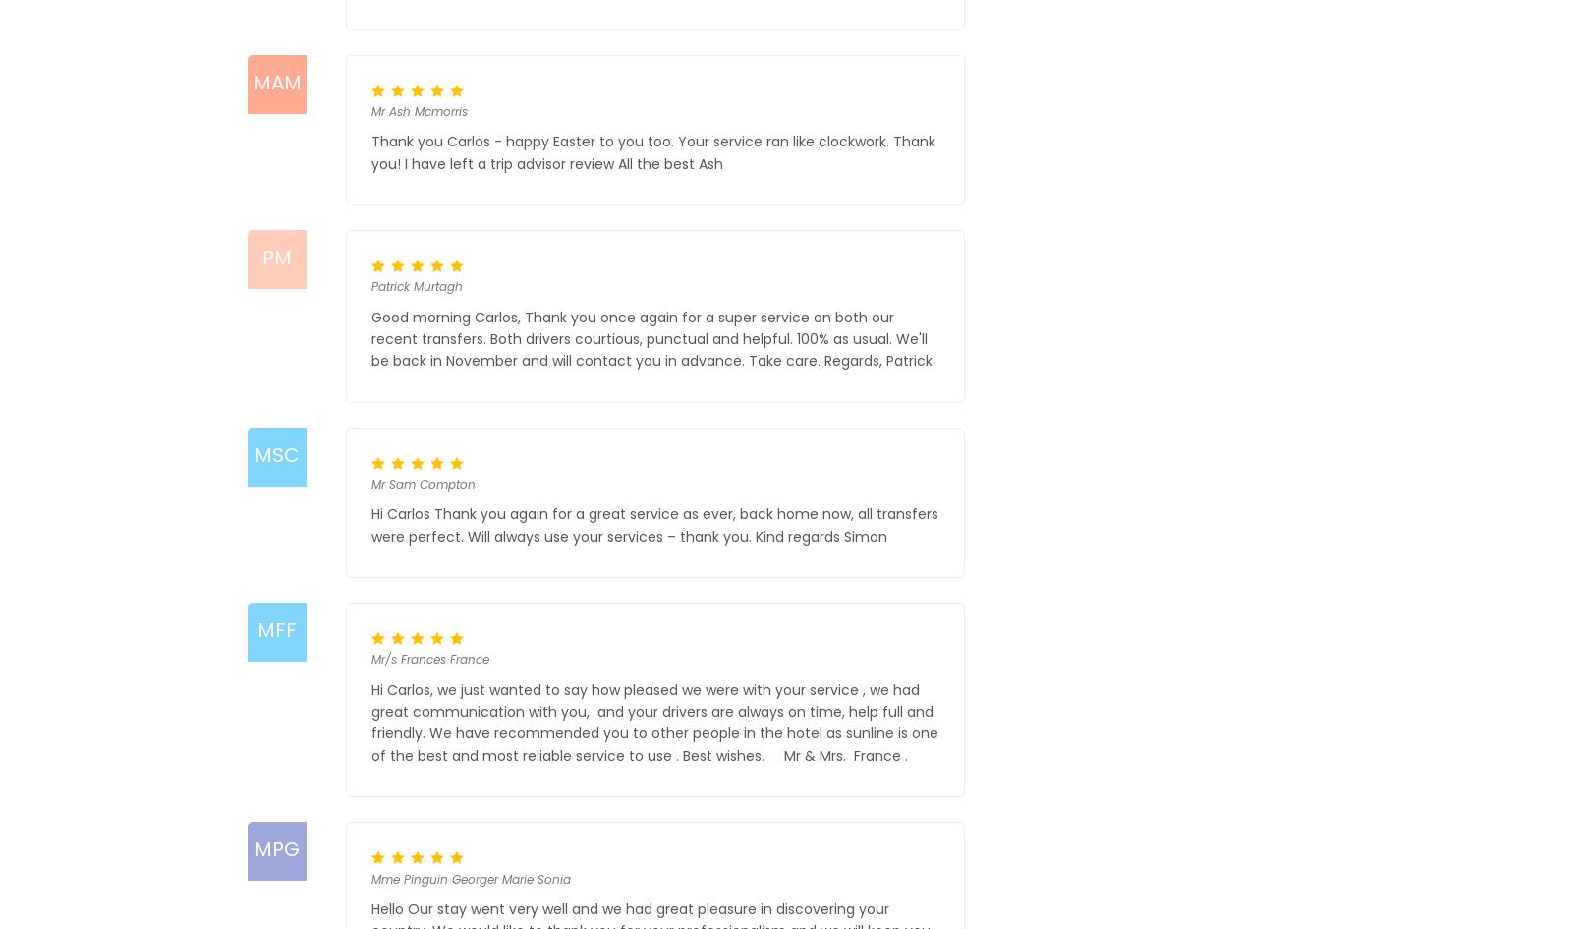 This screenshot has height=929, width=1585. Describe the element at coordinates (274, 628) in the screenshot. I see `'MFF'` at that location.